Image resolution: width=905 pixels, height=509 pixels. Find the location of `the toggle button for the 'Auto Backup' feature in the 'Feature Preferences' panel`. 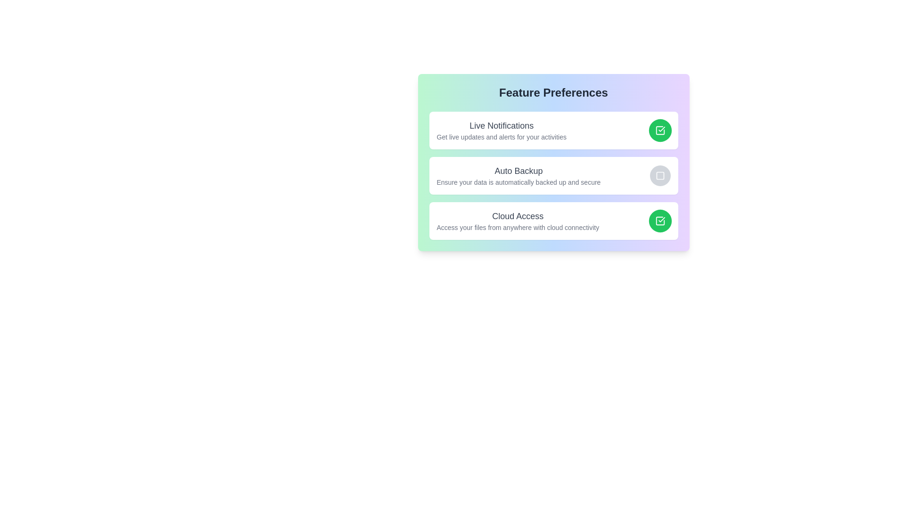

the toggle button for the 'Auto Backup' feature in the 'Feature Preferences' panel is located at coordinates (659, 176).